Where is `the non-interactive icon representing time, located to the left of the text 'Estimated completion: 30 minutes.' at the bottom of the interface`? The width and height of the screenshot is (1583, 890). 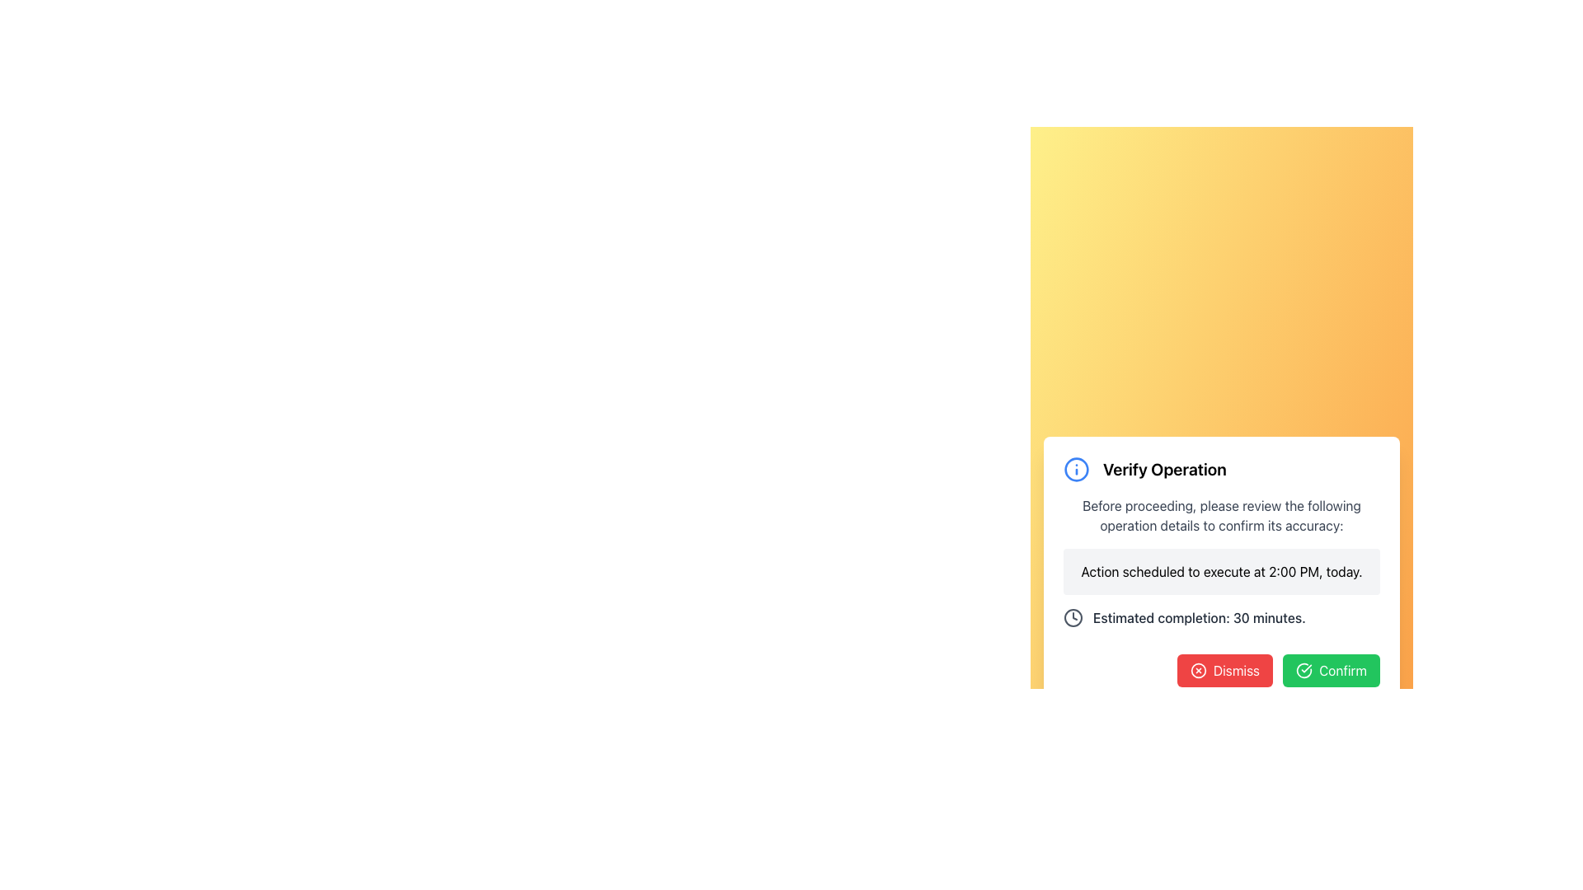 the non-interactive icon representing time, located to the left of the text 'Estimated completion: 30 minutes.' at the bottom of the interface is located at coordinates (1073, 617).